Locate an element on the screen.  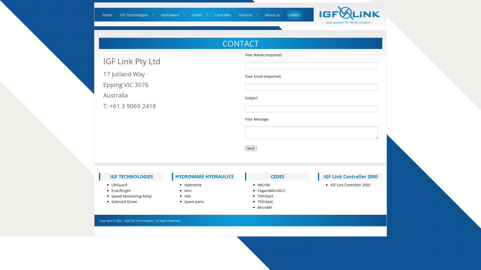
'Hydroware' is located at coordinates (172, 14).